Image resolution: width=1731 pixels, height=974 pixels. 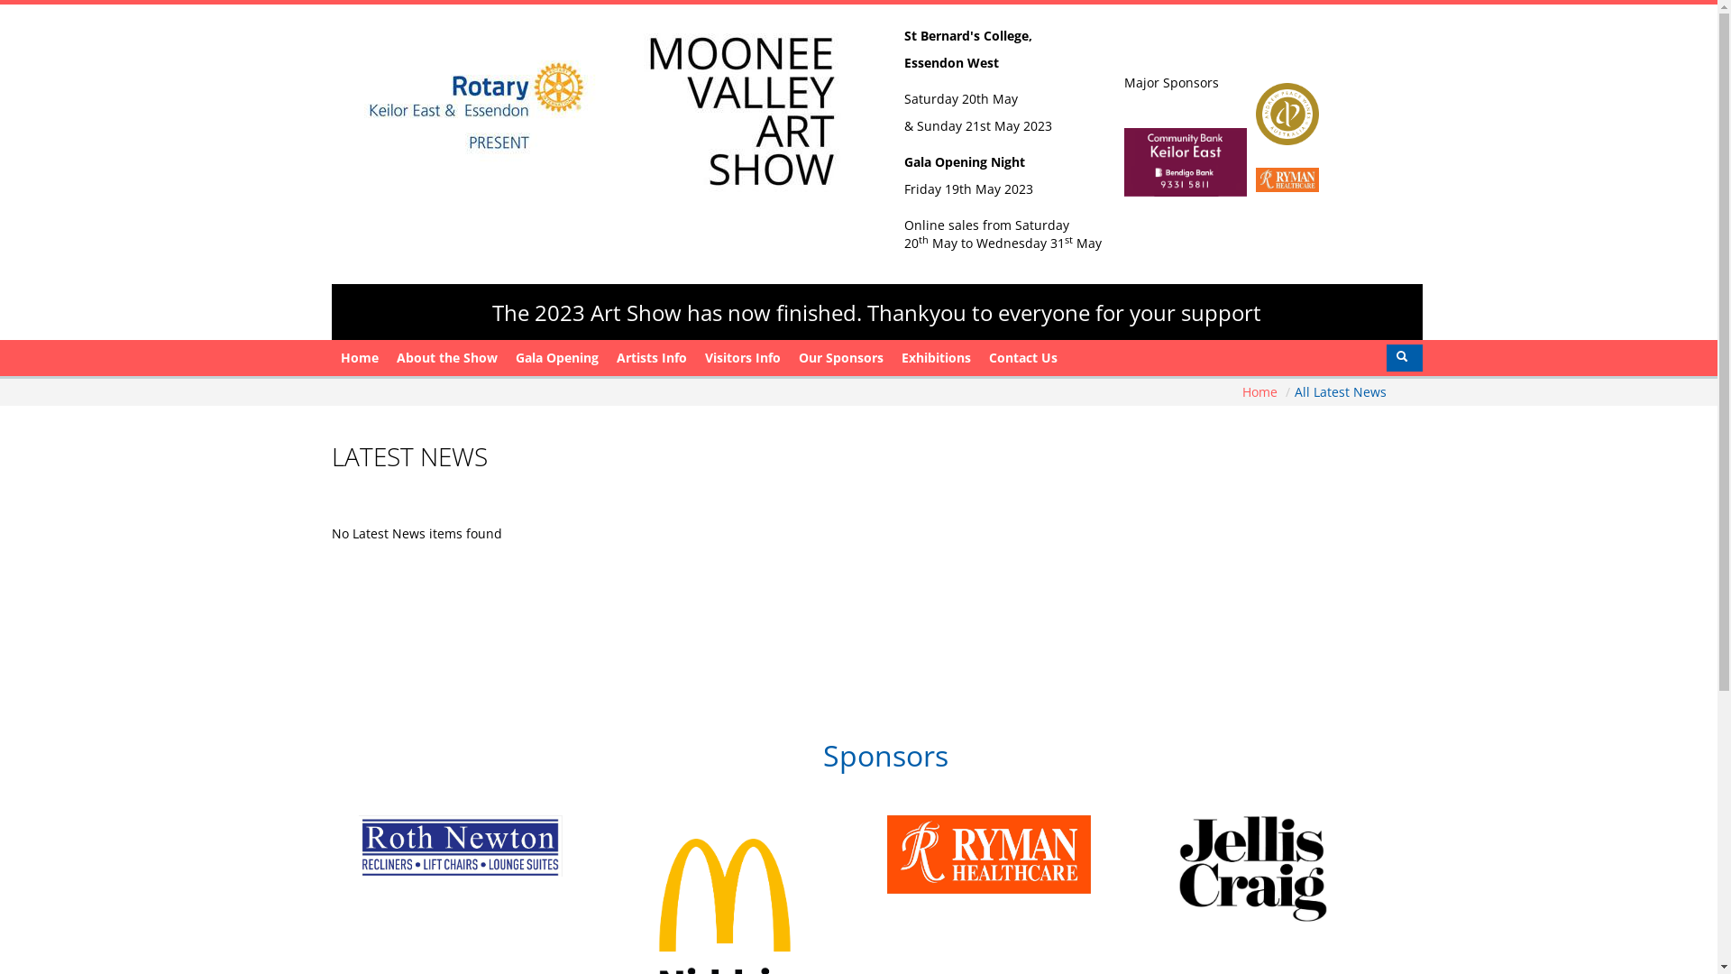 What do you see at coordinates (977, 358) in the screenshot?
I see `'Contact Us'` at bounding box center [977, 358].